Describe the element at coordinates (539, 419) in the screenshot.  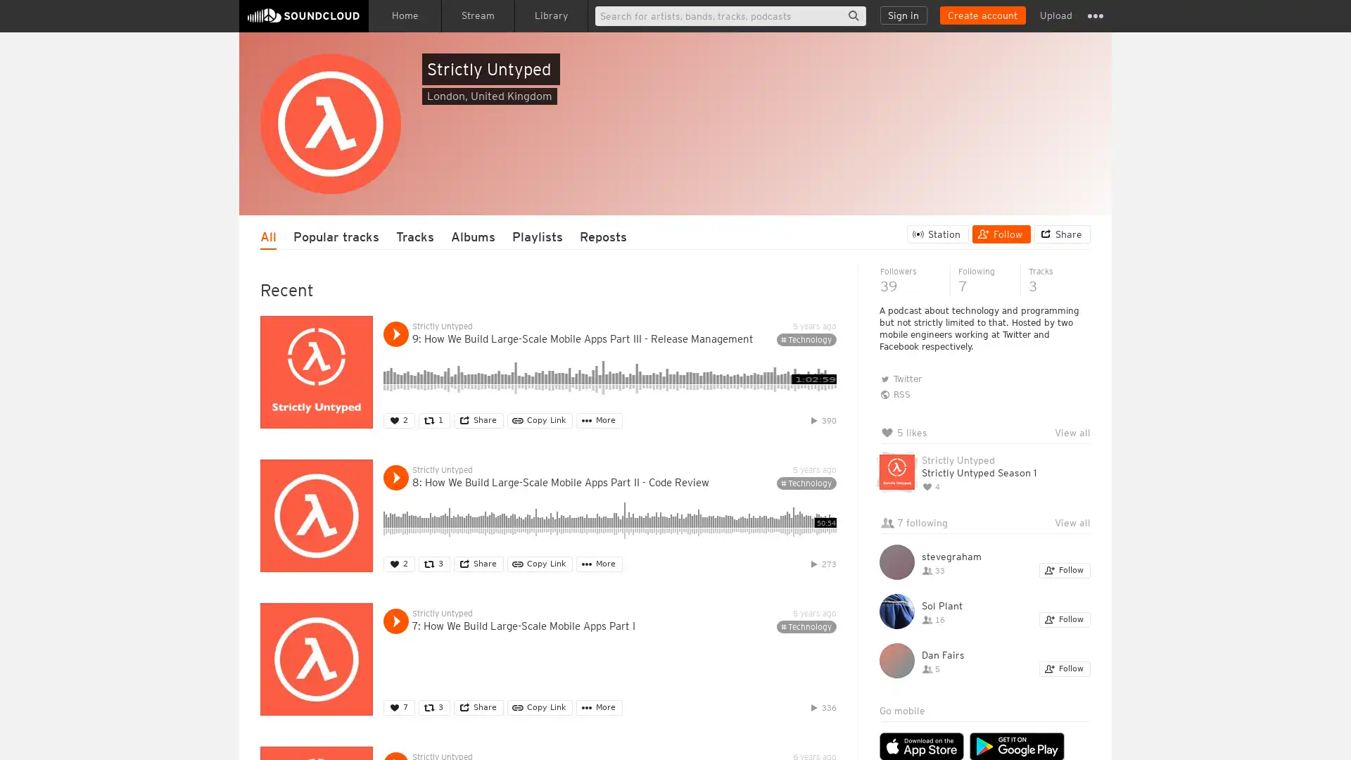
I see `Copy Link` at that location.